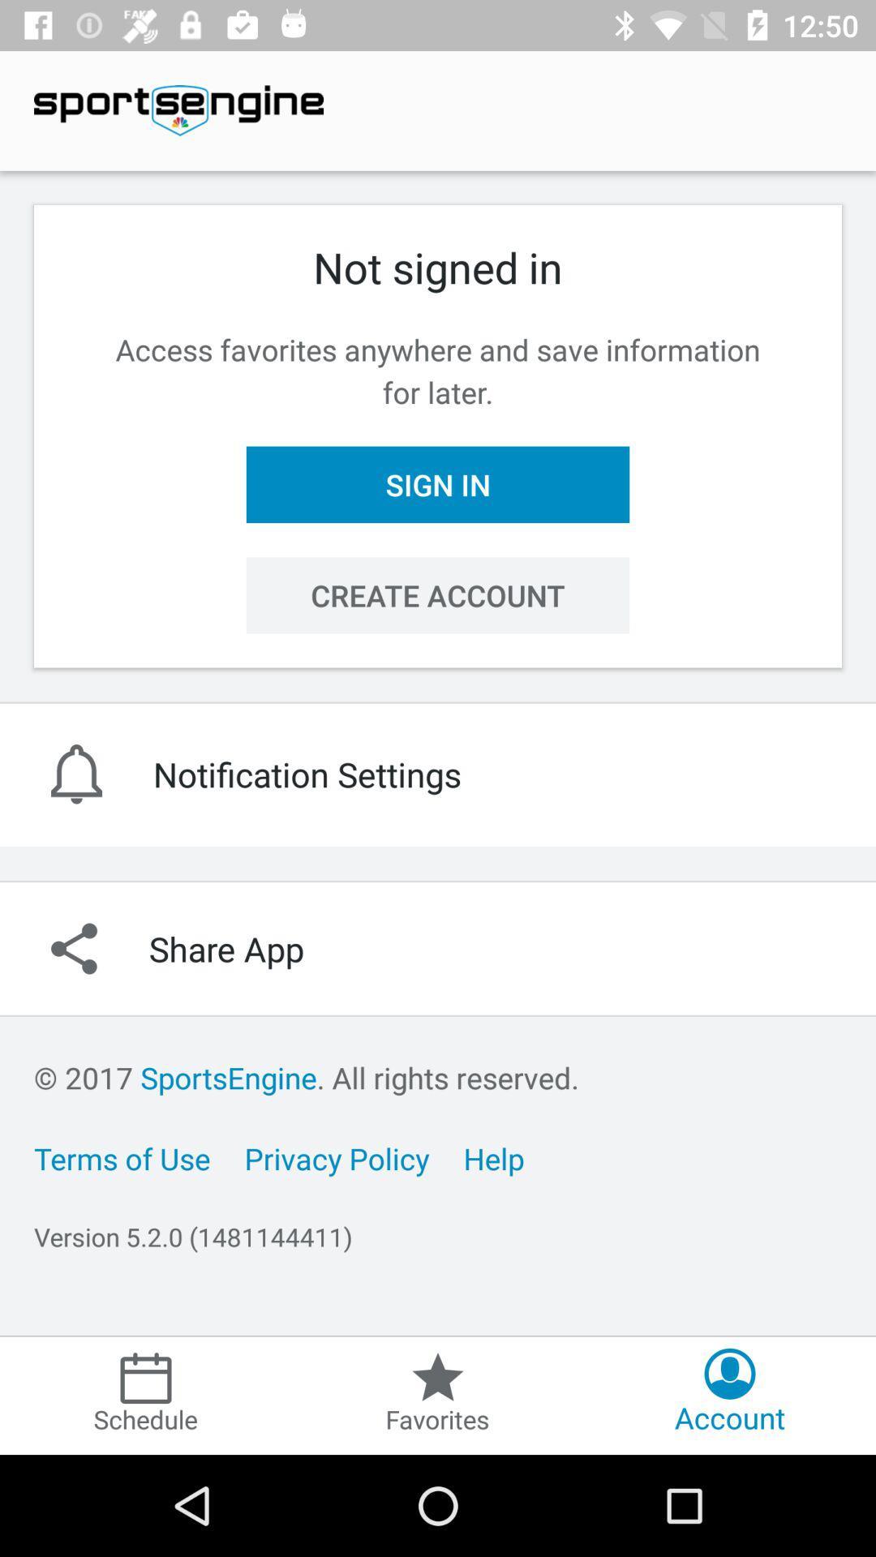 The height and width of the screenshot is (1557, 876). Describe the element at coordinates (438, 483) in the screenshot. I see `sign in` at that location.